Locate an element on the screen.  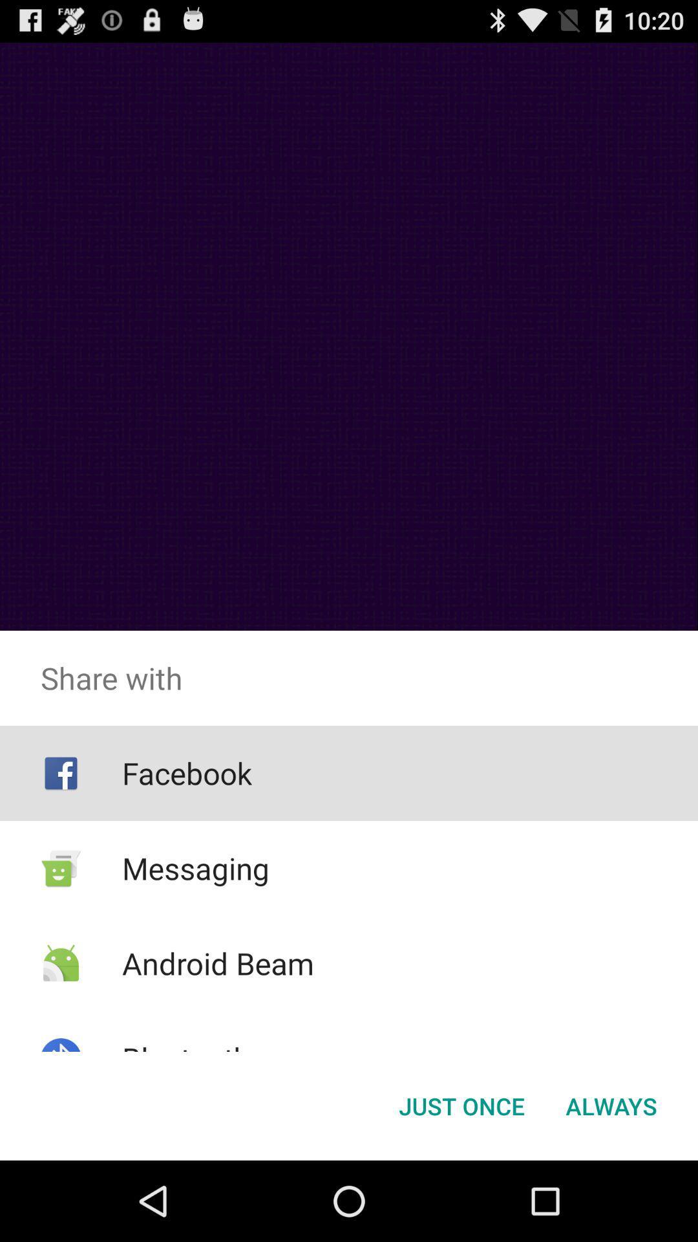
the icon to the right of the bluetooth icon is located at coordinates (461, 1105).